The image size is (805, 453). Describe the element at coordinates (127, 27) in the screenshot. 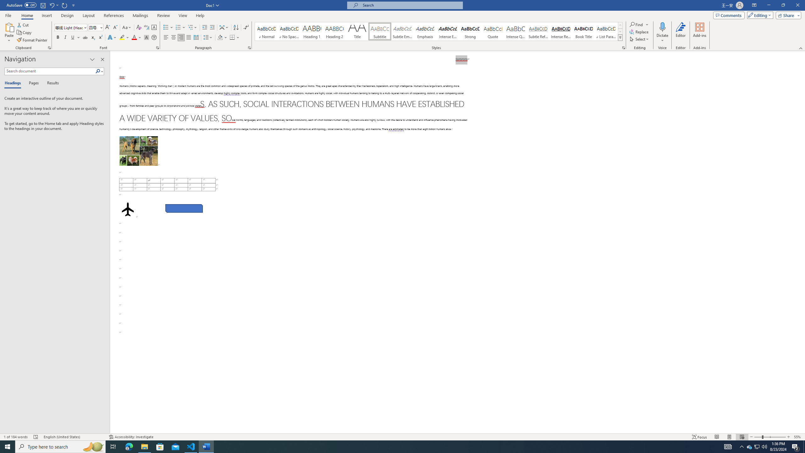

I see `'Change Case'` at that location.